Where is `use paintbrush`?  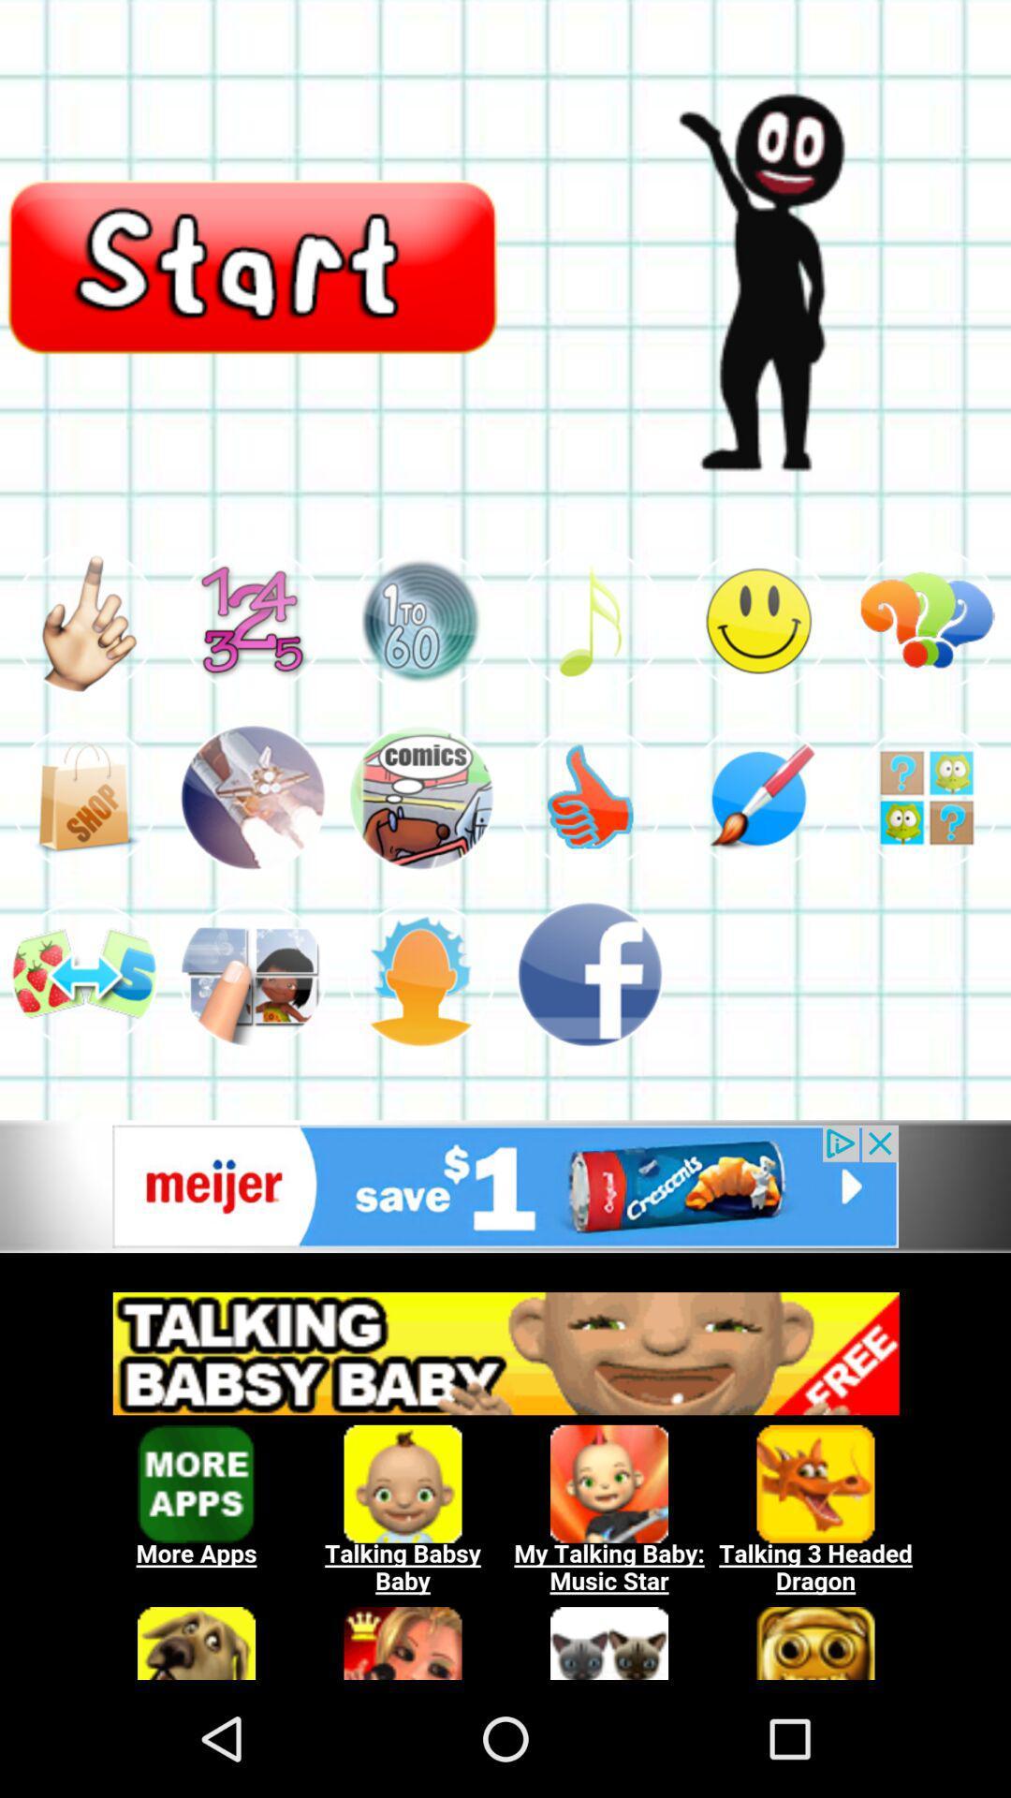 use paintbrush is located at coordinates (758, 797).